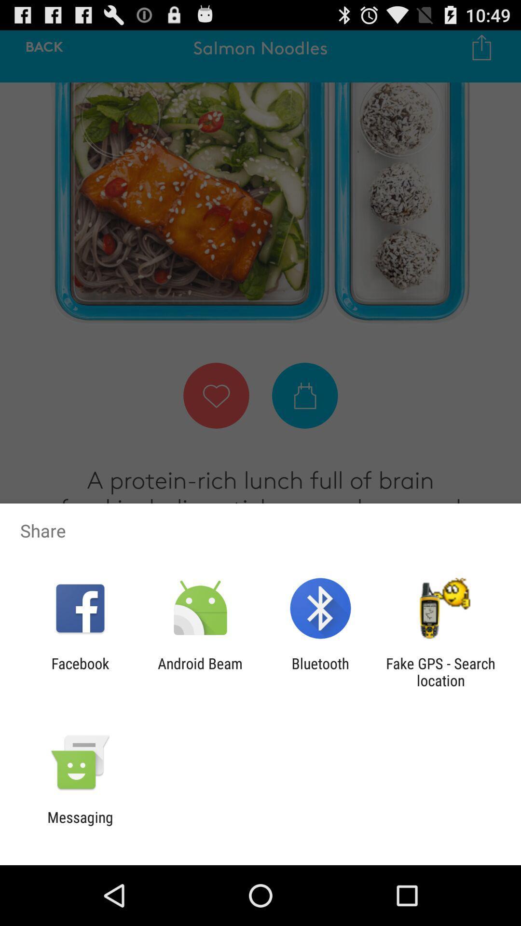 The image size is (521, 926). I want to click on the android beam icon, so click(200, 671).